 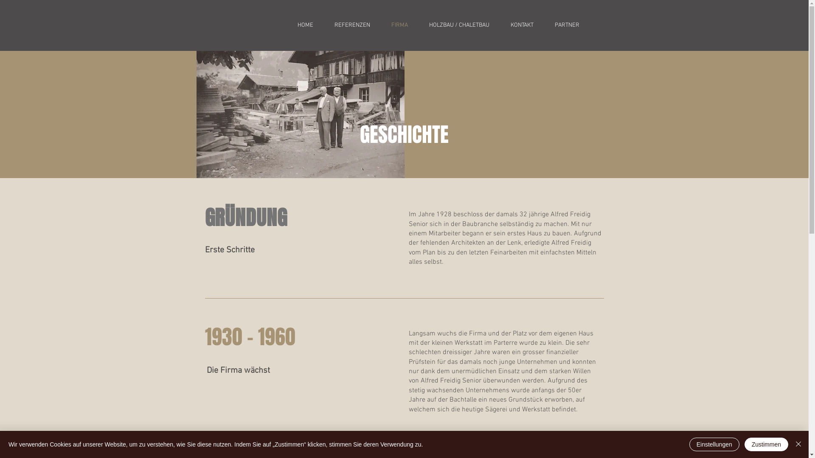 What do you see at coordinates (521, 25) in the screenshot?
I see `'KONTAKT'` at bounding box center [521, 25].